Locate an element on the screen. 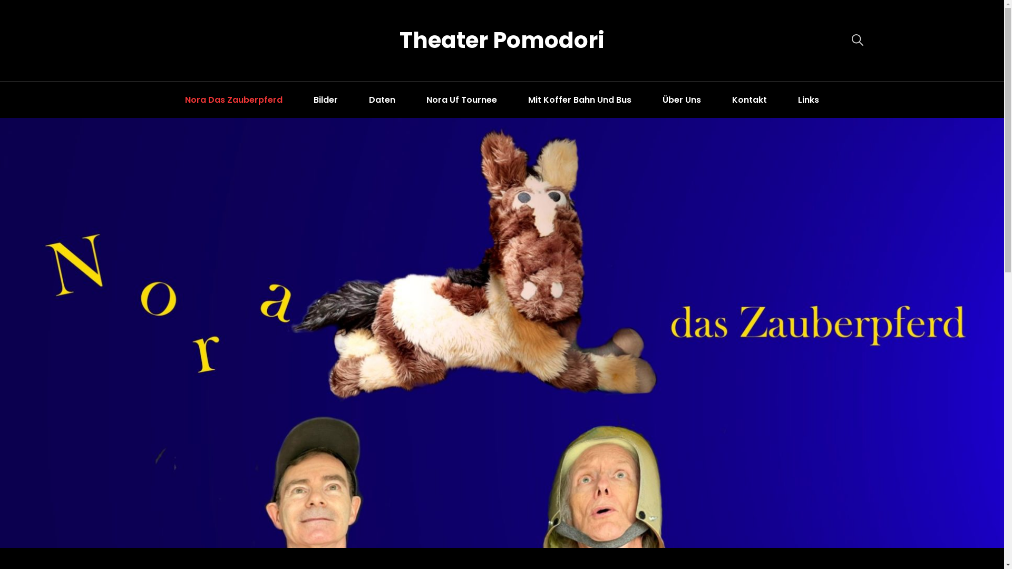 Image resolution: width=1012 pixels, height=569 pixels. 'Bilder' is located at coordinates (325, 100).